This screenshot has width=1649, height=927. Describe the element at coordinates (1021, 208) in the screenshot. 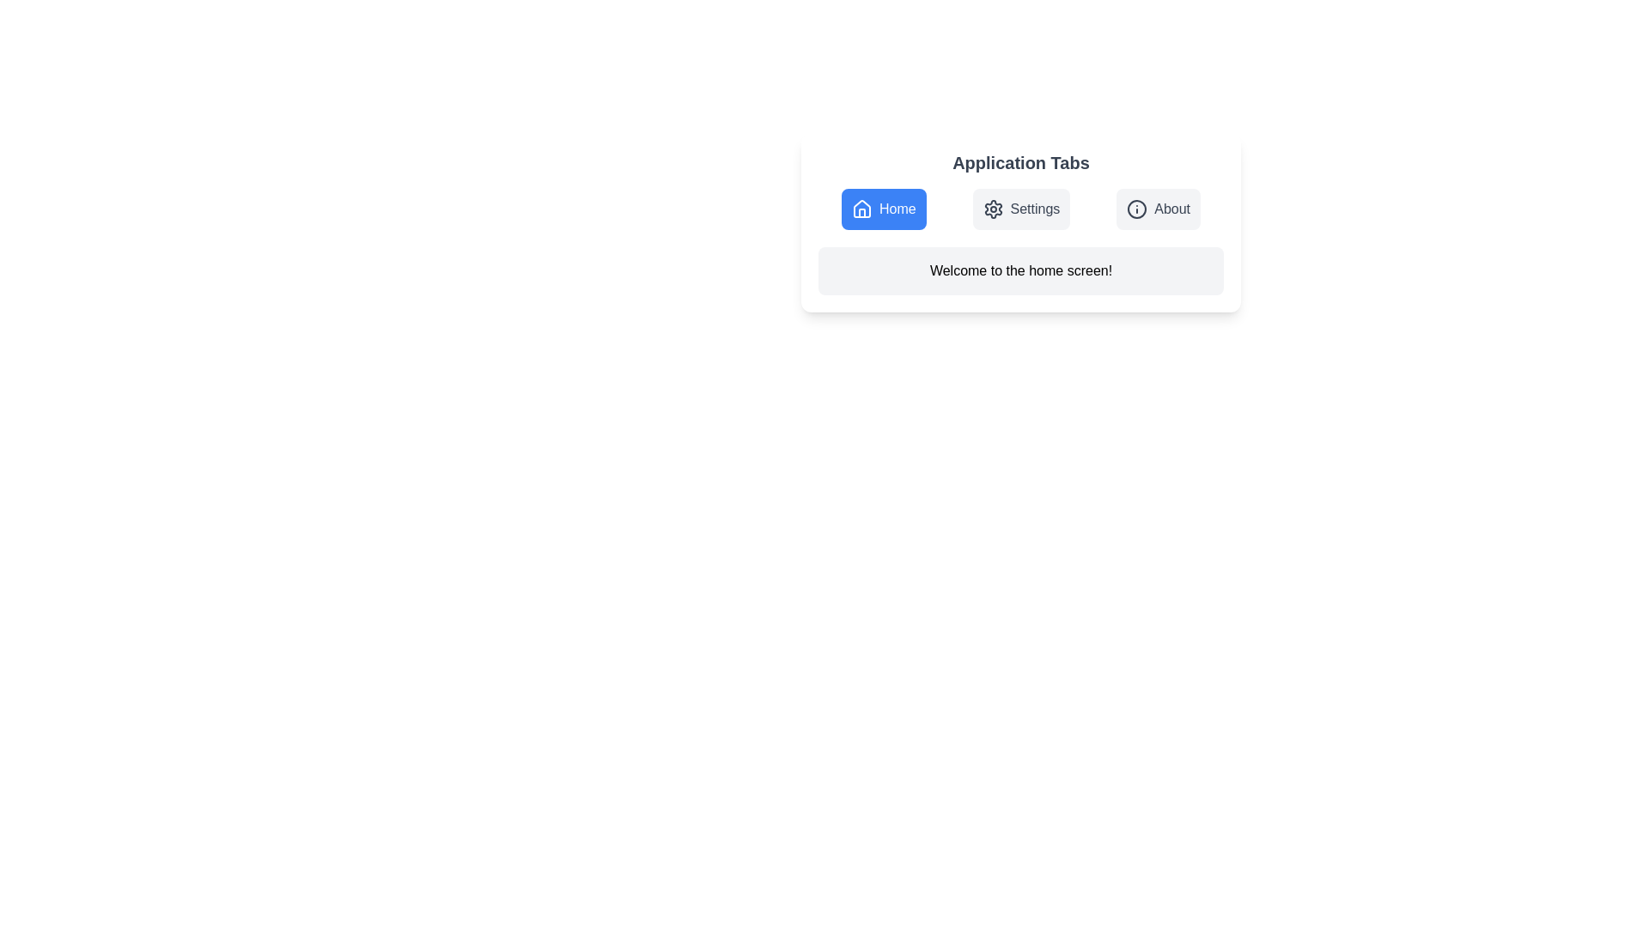

I see `the tab Settings to change the displayed content` at that location.